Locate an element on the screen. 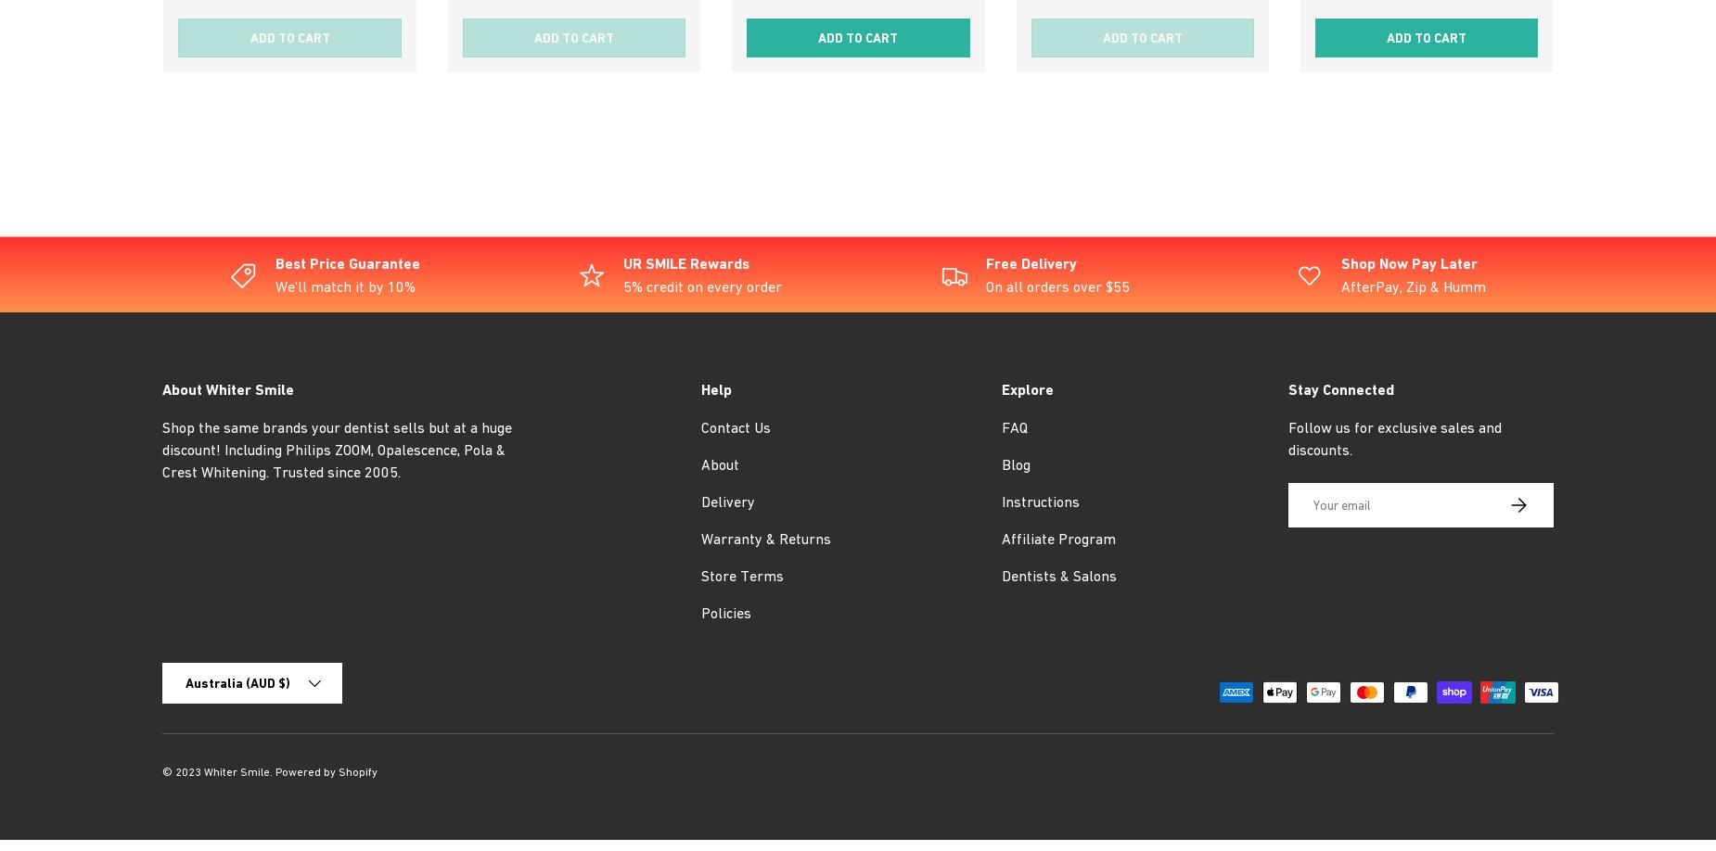  'Shop the same brands your dentist sells but at a huge discount! Including Philips ZOOM, Opalescence, Pola & Crest Whitening. Trusted since 2005.' is located at coordinates (336, 449).